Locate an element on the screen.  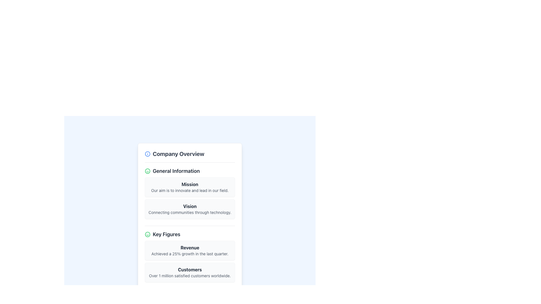
the green smiley icon located to the left of the 'Key Figures' heading in the vertical list is located at coordinates (148, 234).